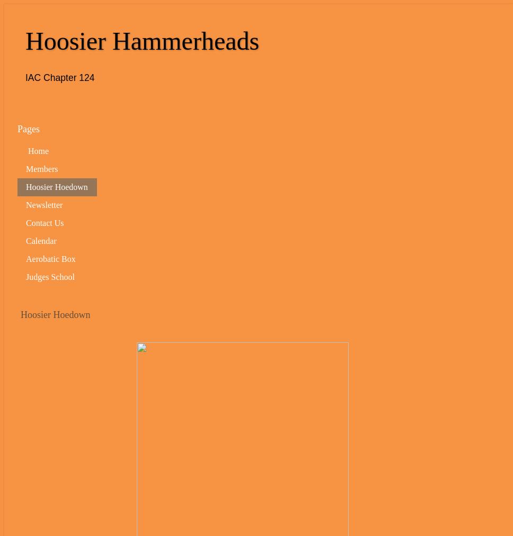 The image size is (513, 536). I want to click on 'Calendar', so click(40, 240).